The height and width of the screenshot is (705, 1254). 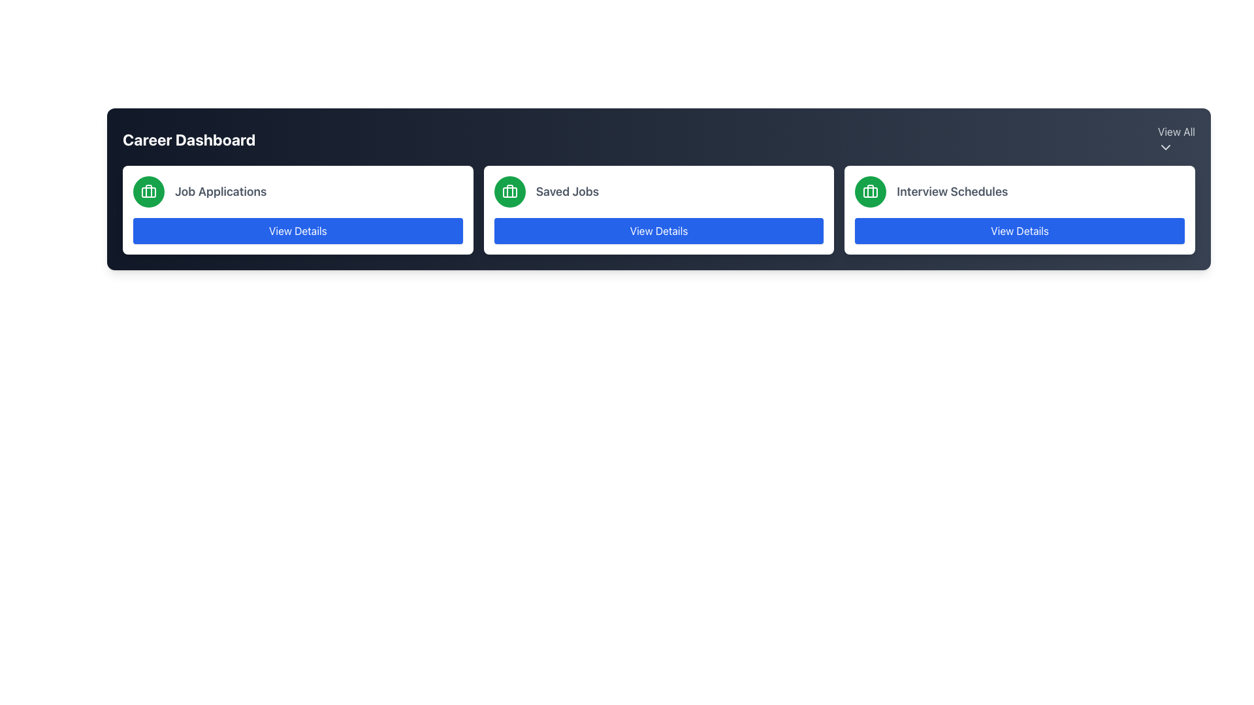 I want to click on the briefcase icon located in the top-left corner of the 'Job Applications' card interface, which features a green background and white strokes, so click(x=148, y=191).